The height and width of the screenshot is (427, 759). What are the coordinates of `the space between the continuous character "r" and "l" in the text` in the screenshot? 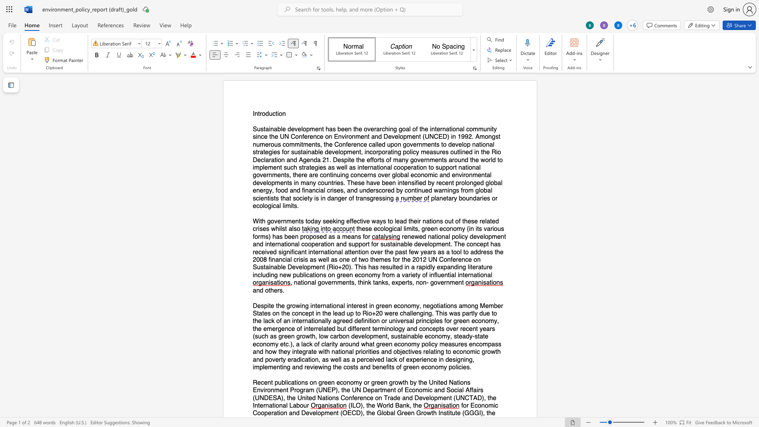 It's located at (388, 406).